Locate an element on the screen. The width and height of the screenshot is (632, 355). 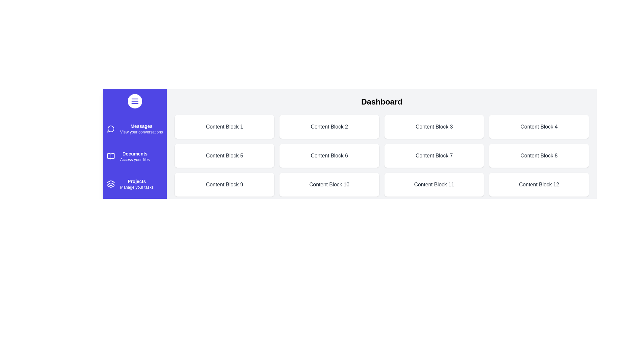
the toggle button to toggle the drawer open and closed is located at coordinates (134, 101).